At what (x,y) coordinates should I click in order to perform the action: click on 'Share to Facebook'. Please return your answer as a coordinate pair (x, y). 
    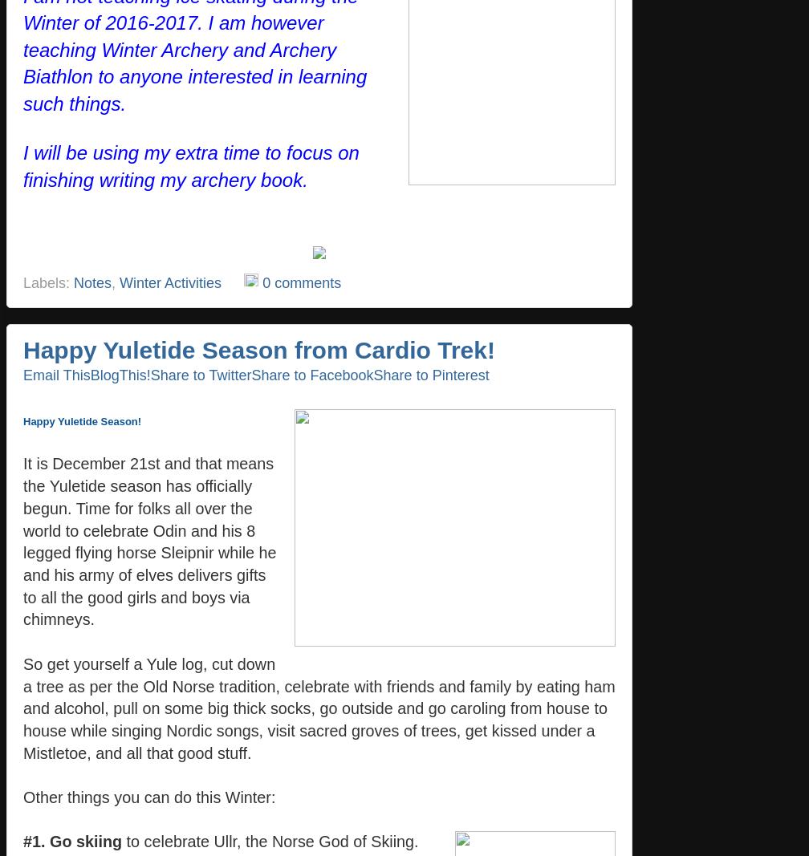
    Looking at the image, I should click on (311, 374).